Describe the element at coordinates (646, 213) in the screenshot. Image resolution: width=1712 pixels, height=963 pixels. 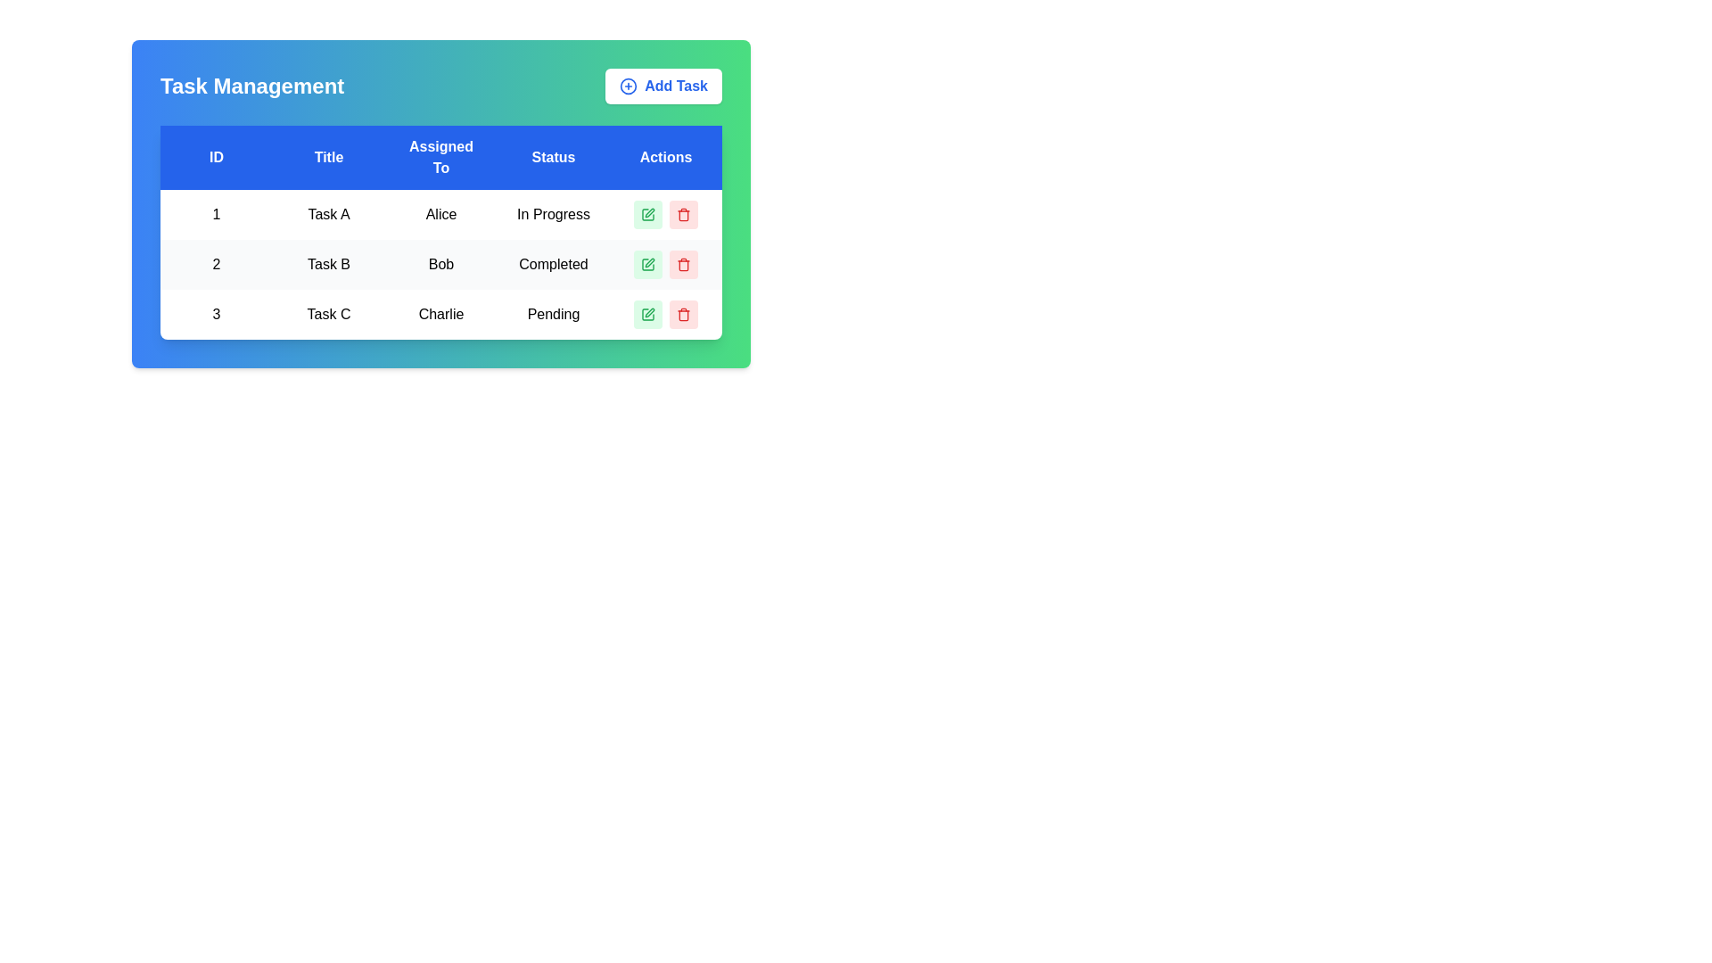
I see `the edit icon button located in the 'Actions' column of the first row in the 'Task Management' table` at that location.